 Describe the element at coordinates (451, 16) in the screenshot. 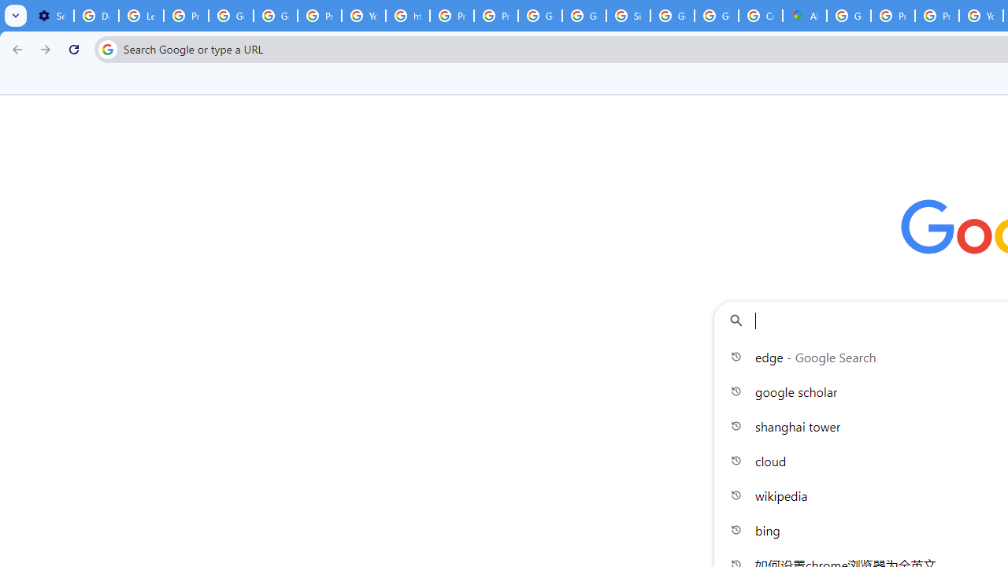

I see `'Privacy Help Center - Policies Help'` at that location.